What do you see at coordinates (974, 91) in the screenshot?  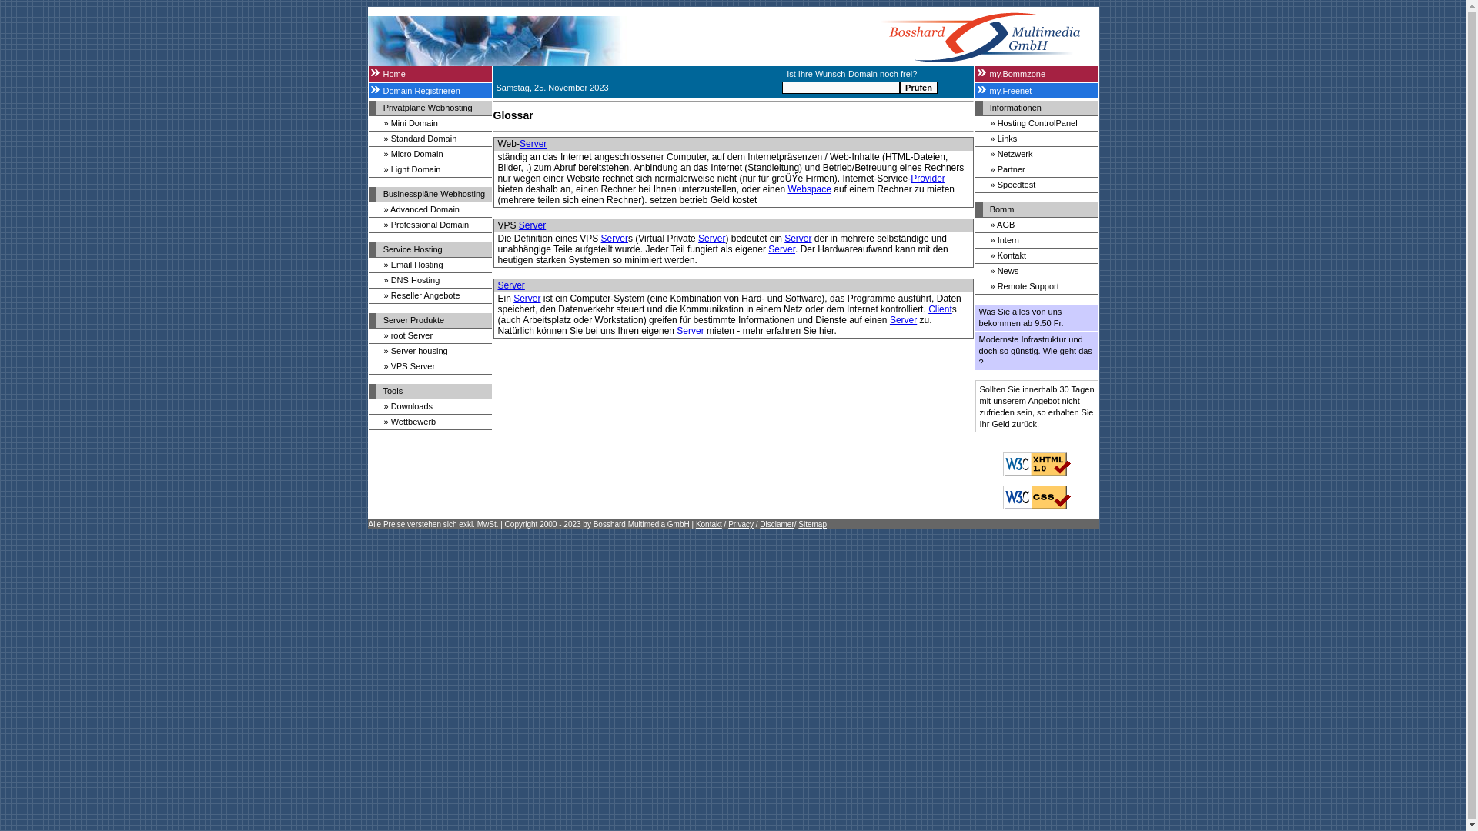 I see `'my.Freenet'` at bounding box center [974, 91].